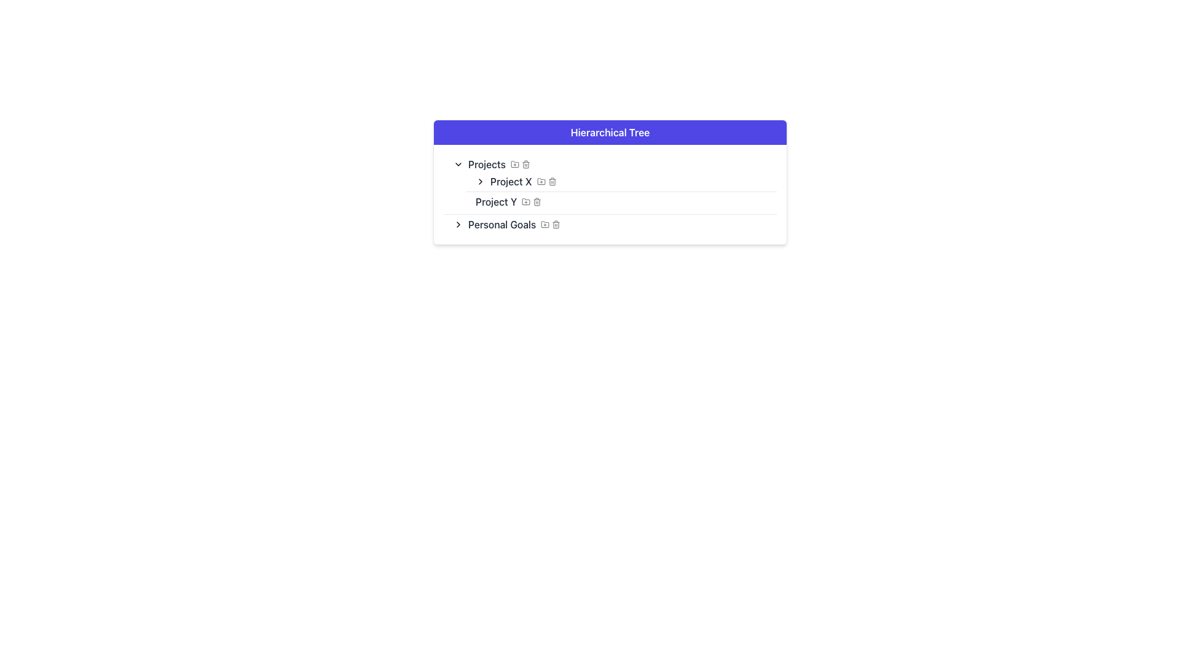  What do you see at coordinates (502, 225) in the screenshot?
I see `the 'Personal Goals' label, which is a selectable item in the hierarchical tree interface` at bounding box center [502, 225].